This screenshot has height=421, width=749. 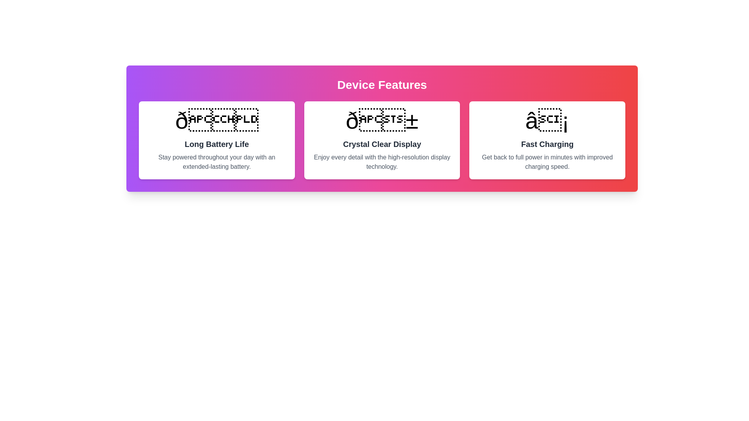 What do you see at coordinates (382, 144) in the screenshot?
I see `the 'Crystal Clear Display' title text label` at bounding box center [382, 144].